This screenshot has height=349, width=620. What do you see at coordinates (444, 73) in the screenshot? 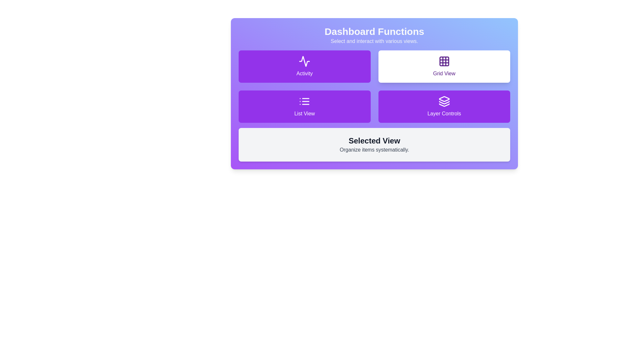
I see `the 'Grid View' text label that displays in bold purple font, located below the grid layout icon in the top-right corner of the main interface` at bounding box center [444, 73].